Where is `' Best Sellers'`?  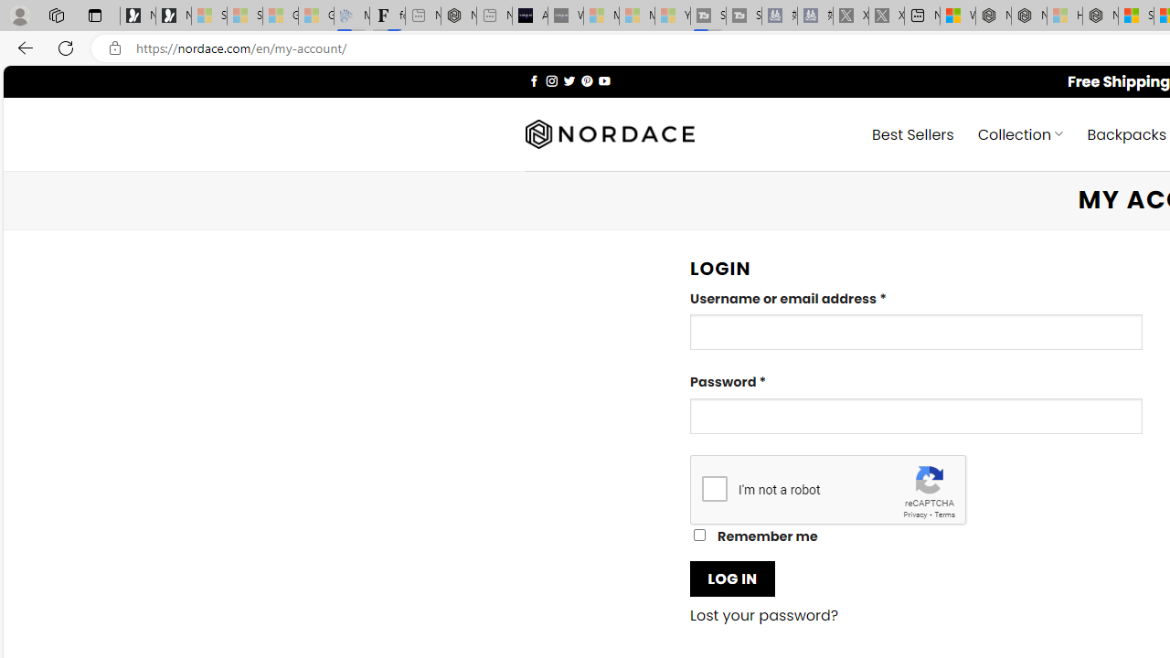
' Best Sellers' is located at coordinates (913, 133).